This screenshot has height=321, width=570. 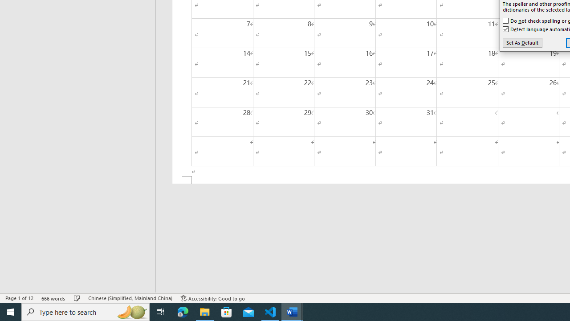 I want to click on 'Accessibility Checker Accessibility: Good to go', so click(x=212, y=298).